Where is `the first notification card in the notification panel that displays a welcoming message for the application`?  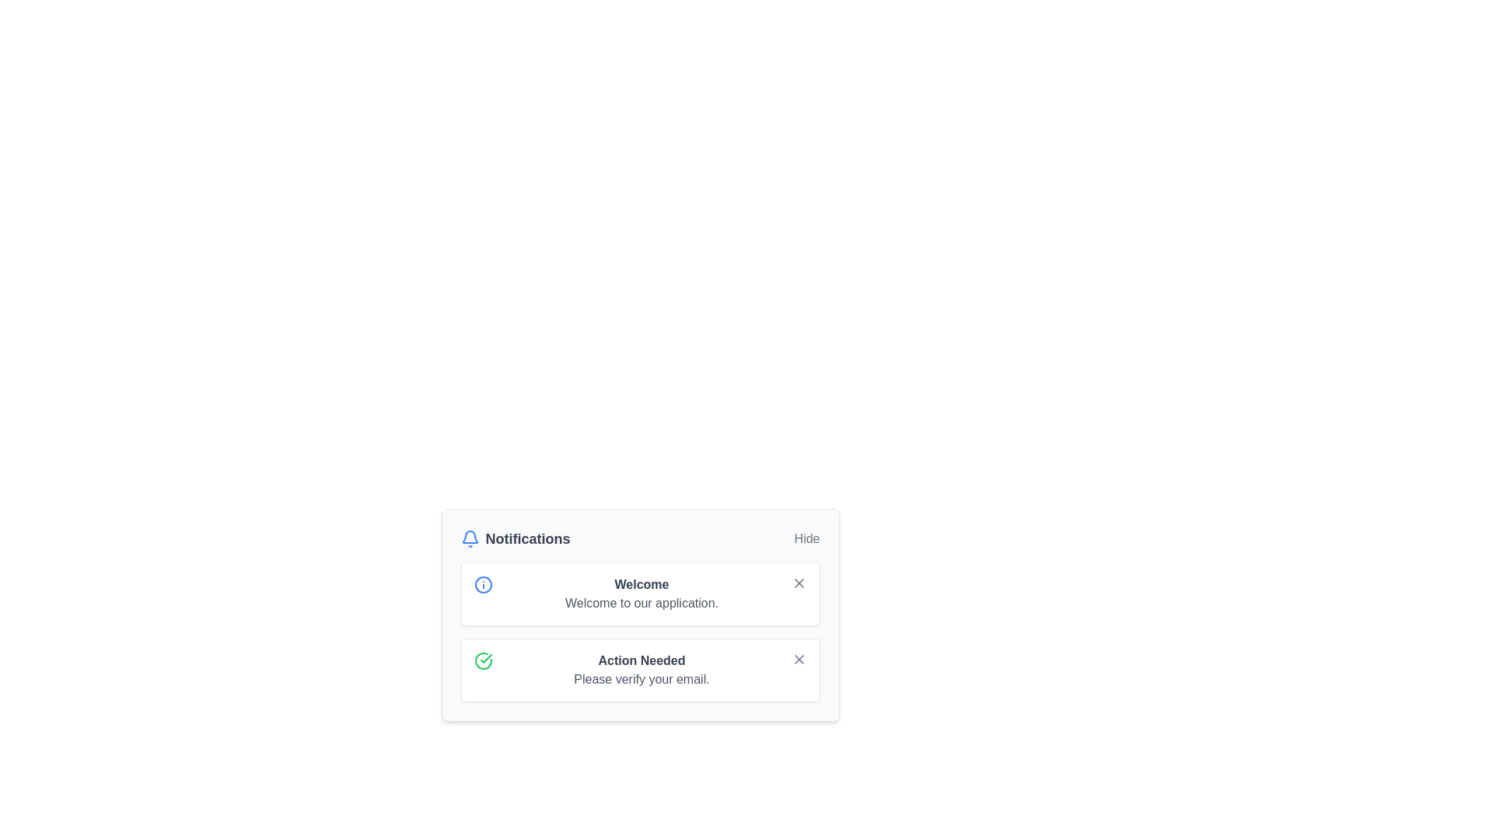
the first notification card in the notification panel that displays a welcoming message for the application is located at coordinates (640, 614).